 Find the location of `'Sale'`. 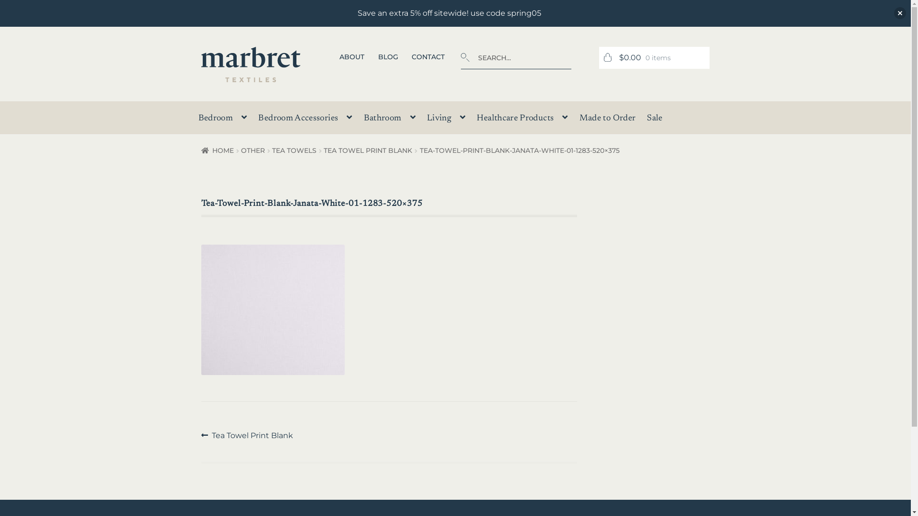

'Sale' is located at coordinates (654, 120).